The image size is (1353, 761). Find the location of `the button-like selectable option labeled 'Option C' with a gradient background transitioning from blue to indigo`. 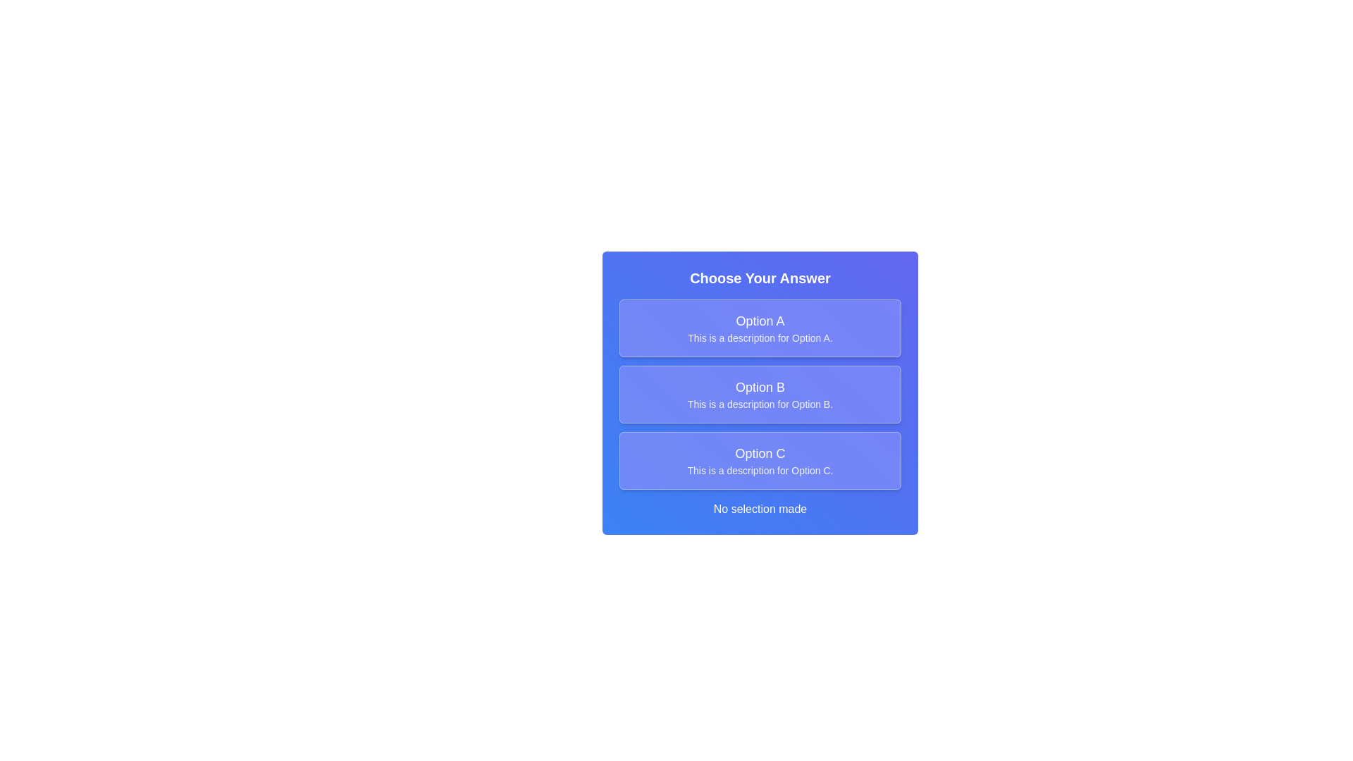

the button-like selectable option labeled 'Option C' with a gradient background transitioning from blue to indigo is located at coordinates (760, 461).